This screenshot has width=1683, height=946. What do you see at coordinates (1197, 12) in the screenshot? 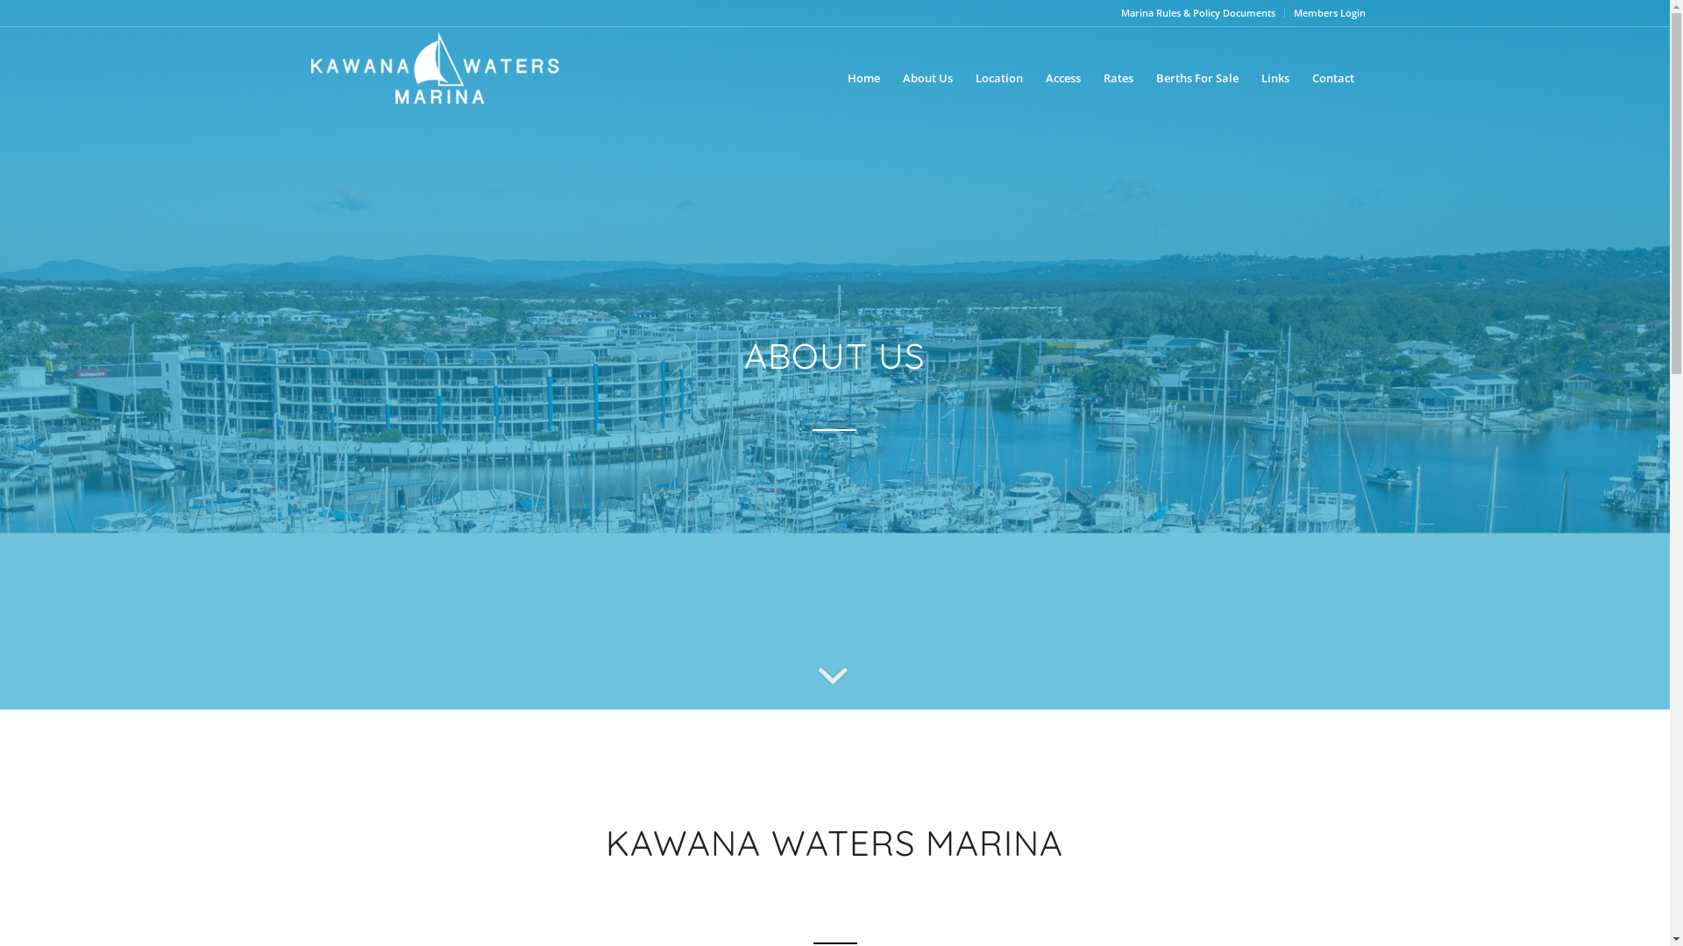
I see `'Marina Rules & Policy Documents'` at bounding box center [1197, 12].